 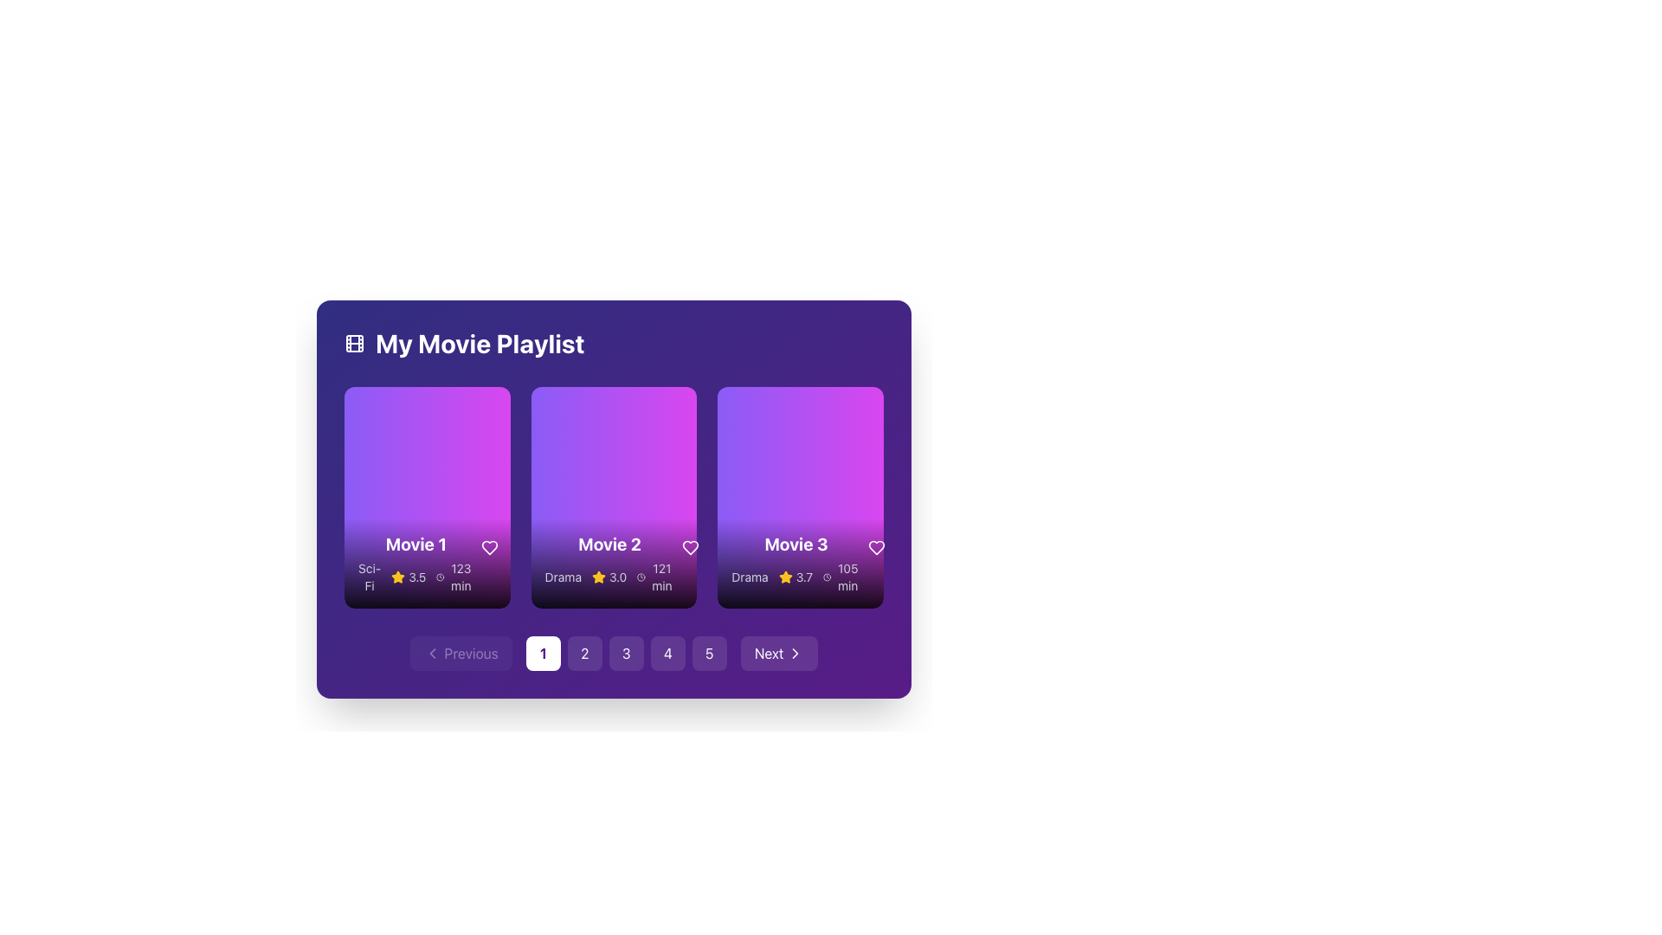 What do you see at coordinates (427, 564) in the screenshot?
I see `the interactive elements near the Text and icon overlay that provides metadata about 'Movie 1', located at the bottom section of the card` at bounding box center [427, 564].